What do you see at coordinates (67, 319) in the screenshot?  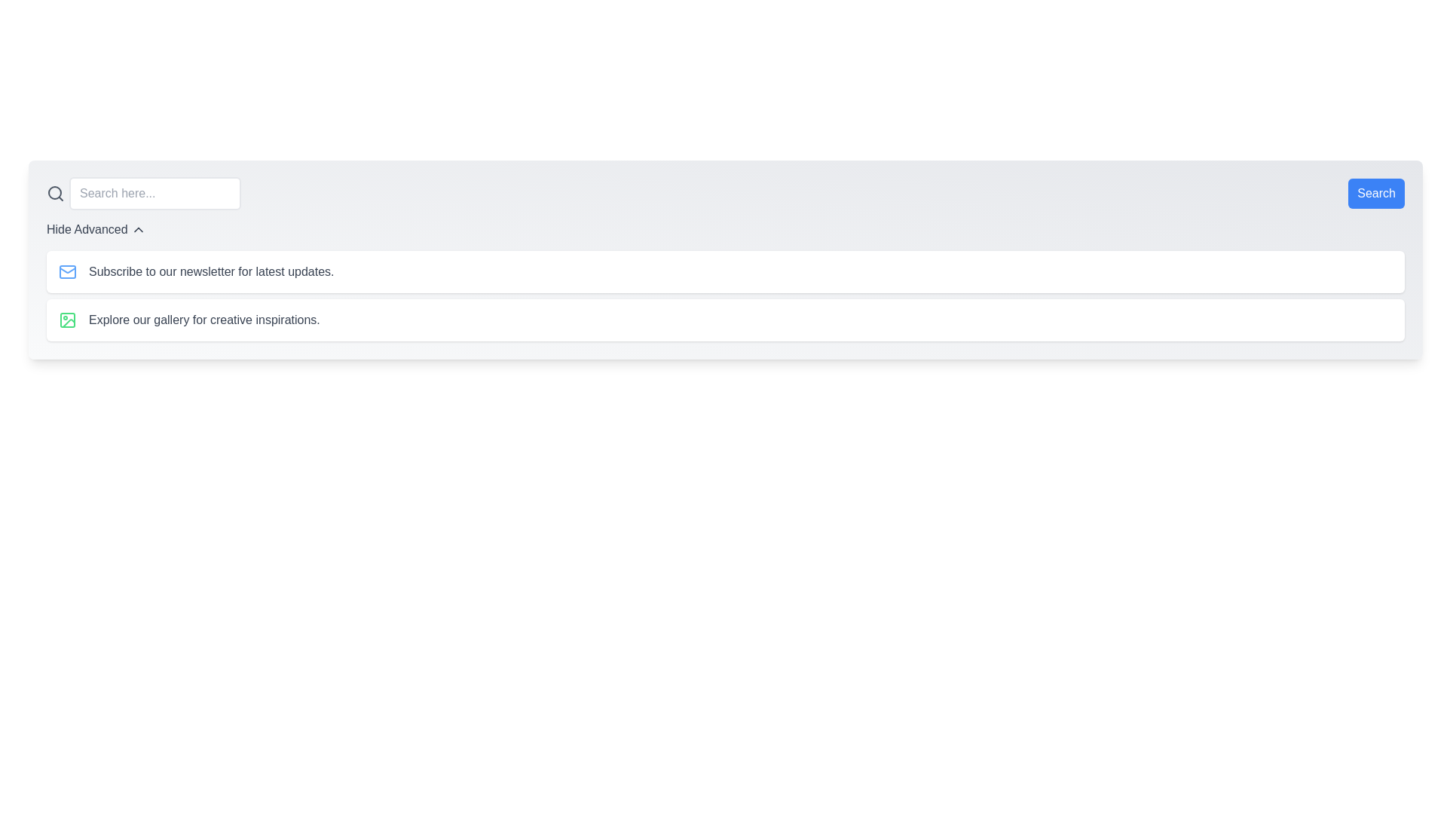 I see `the green square graphical icon component with a slight corner radius located in the middle-left part of the second row's icon` at bounding box center [67, 319].